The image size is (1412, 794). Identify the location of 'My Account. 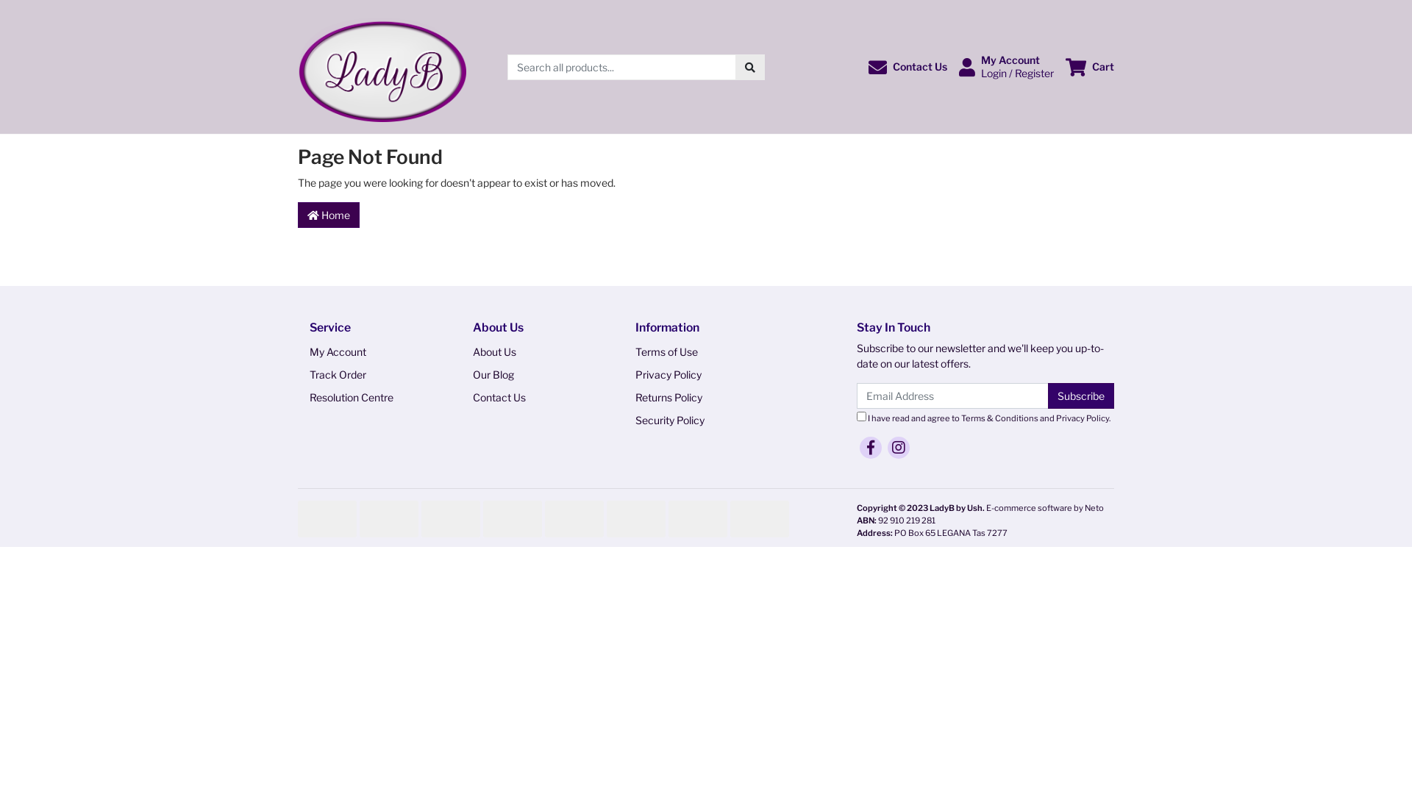
(1005, 67).